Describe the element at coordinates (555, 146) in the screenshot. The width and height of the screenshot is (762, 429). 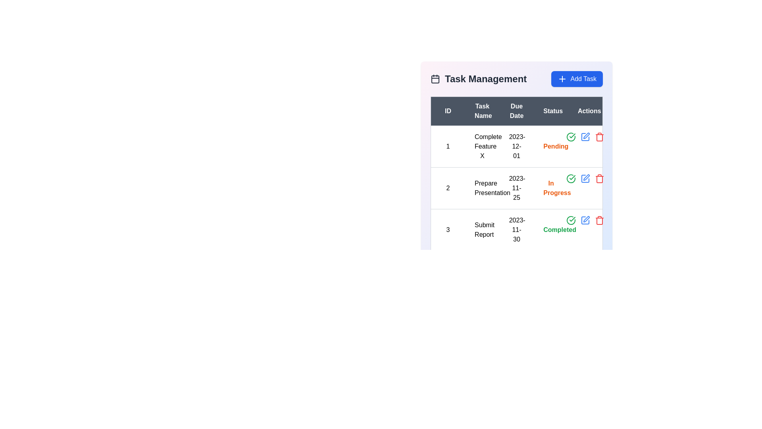
I see `status information from the text label stating 'Pending' in orange color and bold font, located in the 'Status' column of the first row of the task management table` at that location.